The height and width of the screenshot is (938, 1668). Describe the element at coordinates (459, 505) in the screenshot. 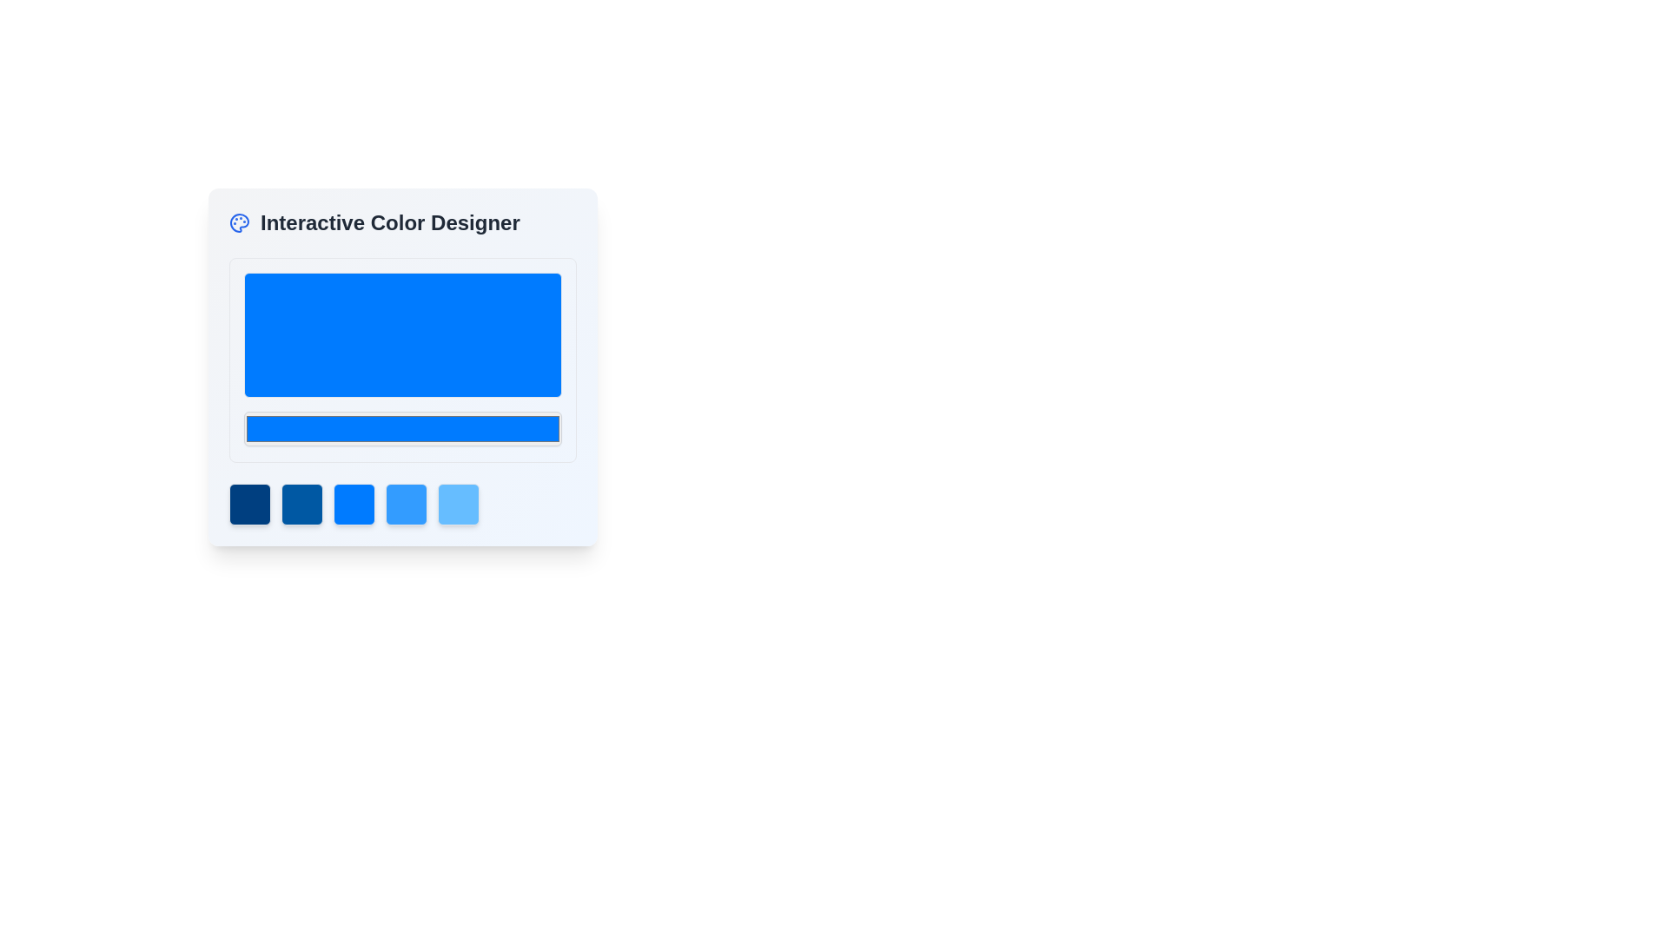

I see `the fifth selectable color option in the Interactive Color Designer section` at that location.